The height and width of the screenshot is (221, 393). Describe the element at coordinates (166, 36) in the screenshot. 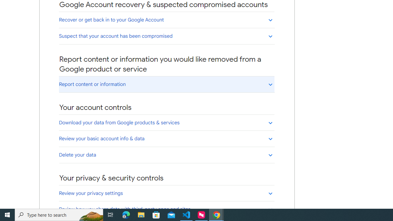

I see `'Suspect that your account has been compromised'` at that location.